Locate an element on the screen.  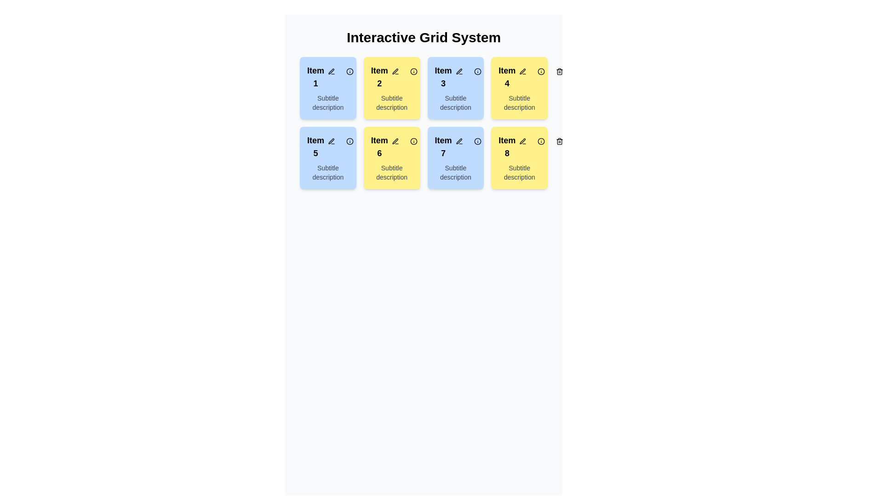
the information icon button located in the second item card of the second row in the grid is located at coordinates (413, 71).